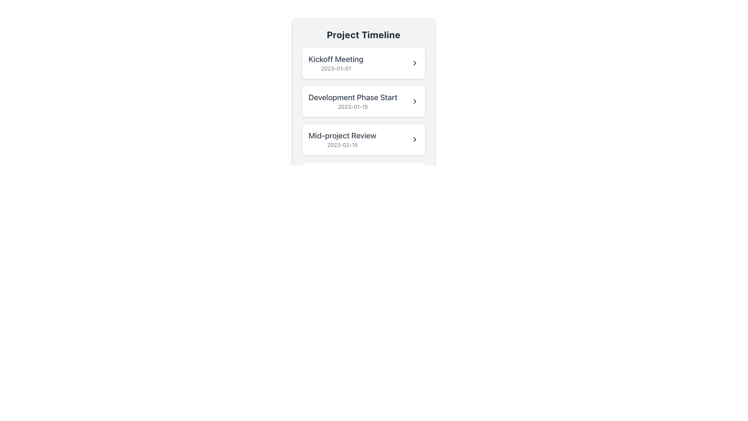 The width and height of the screenshot is (748, 421). Describe the element at coordinates (342, 135) in the screenshot. I see `the informational Text Label that represents the title of an event or milestone within the Project Timeline, located as the third entry in the vertical list` at that location.